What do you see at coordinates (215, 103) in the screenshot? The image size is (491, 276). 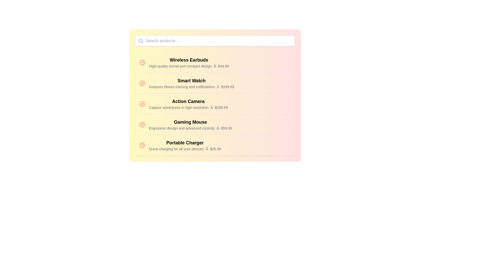 I see `the product display widget for the Action Camera, which is the third item in the vertical list of products` at bounding box center [215, 103].